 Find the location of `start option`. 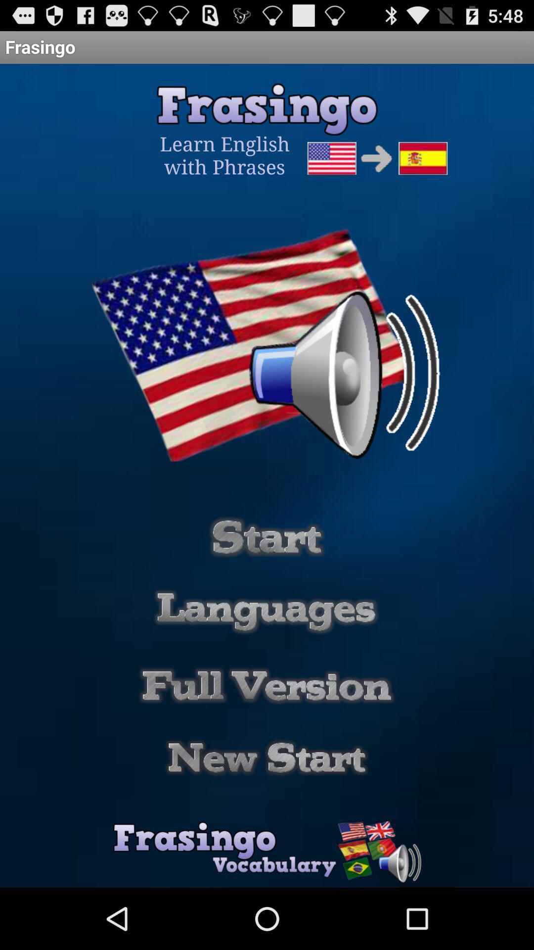

start option is located at coordinates (267, 757).